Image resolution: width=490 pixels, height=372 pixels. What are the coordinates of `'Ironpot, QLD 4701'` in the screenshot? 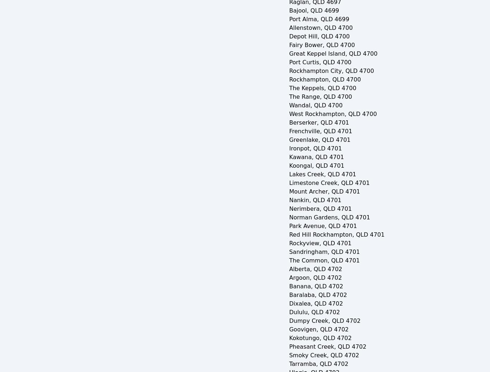 It's located at (315, 148).